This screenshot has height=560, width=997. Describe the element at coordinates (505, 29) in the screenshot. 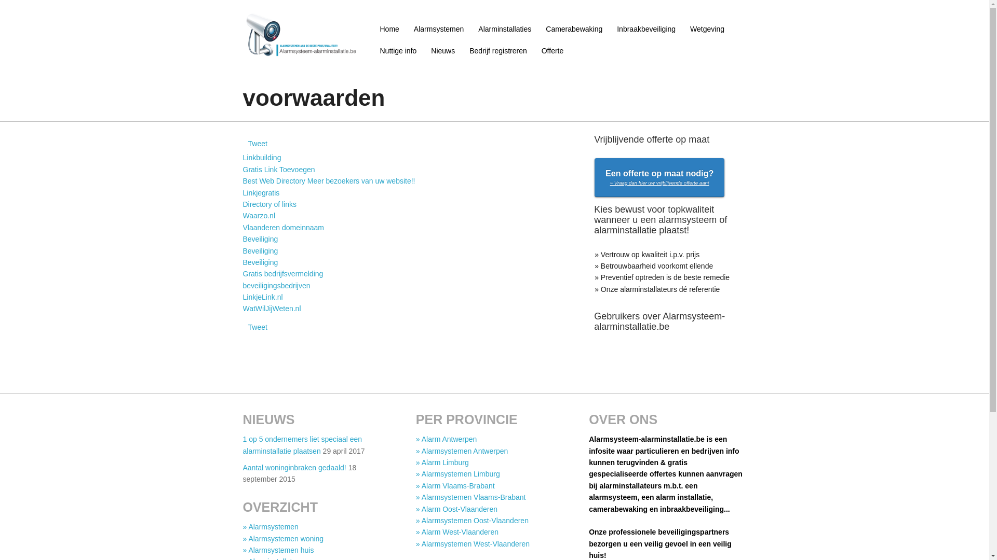

I see `'Alarminstallaties'` at that location.